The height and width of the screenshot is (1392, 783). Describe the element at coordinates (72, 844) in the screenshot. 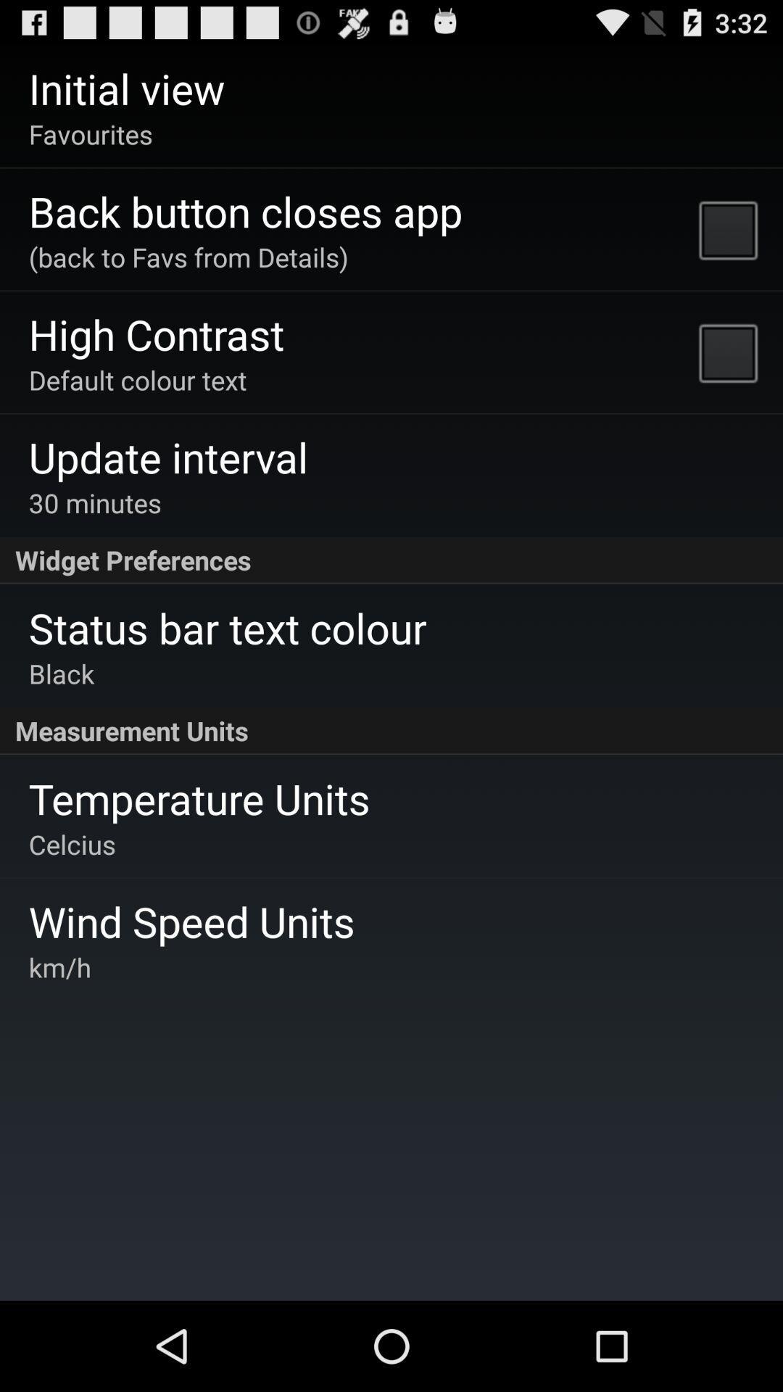

I see `the item below temperature units` at that location.